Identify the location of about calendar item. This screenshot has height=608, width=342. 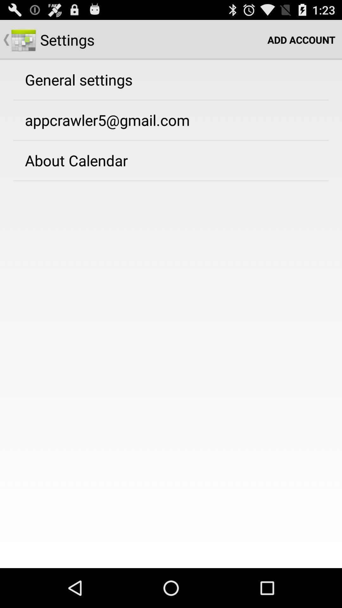
(76, 160).